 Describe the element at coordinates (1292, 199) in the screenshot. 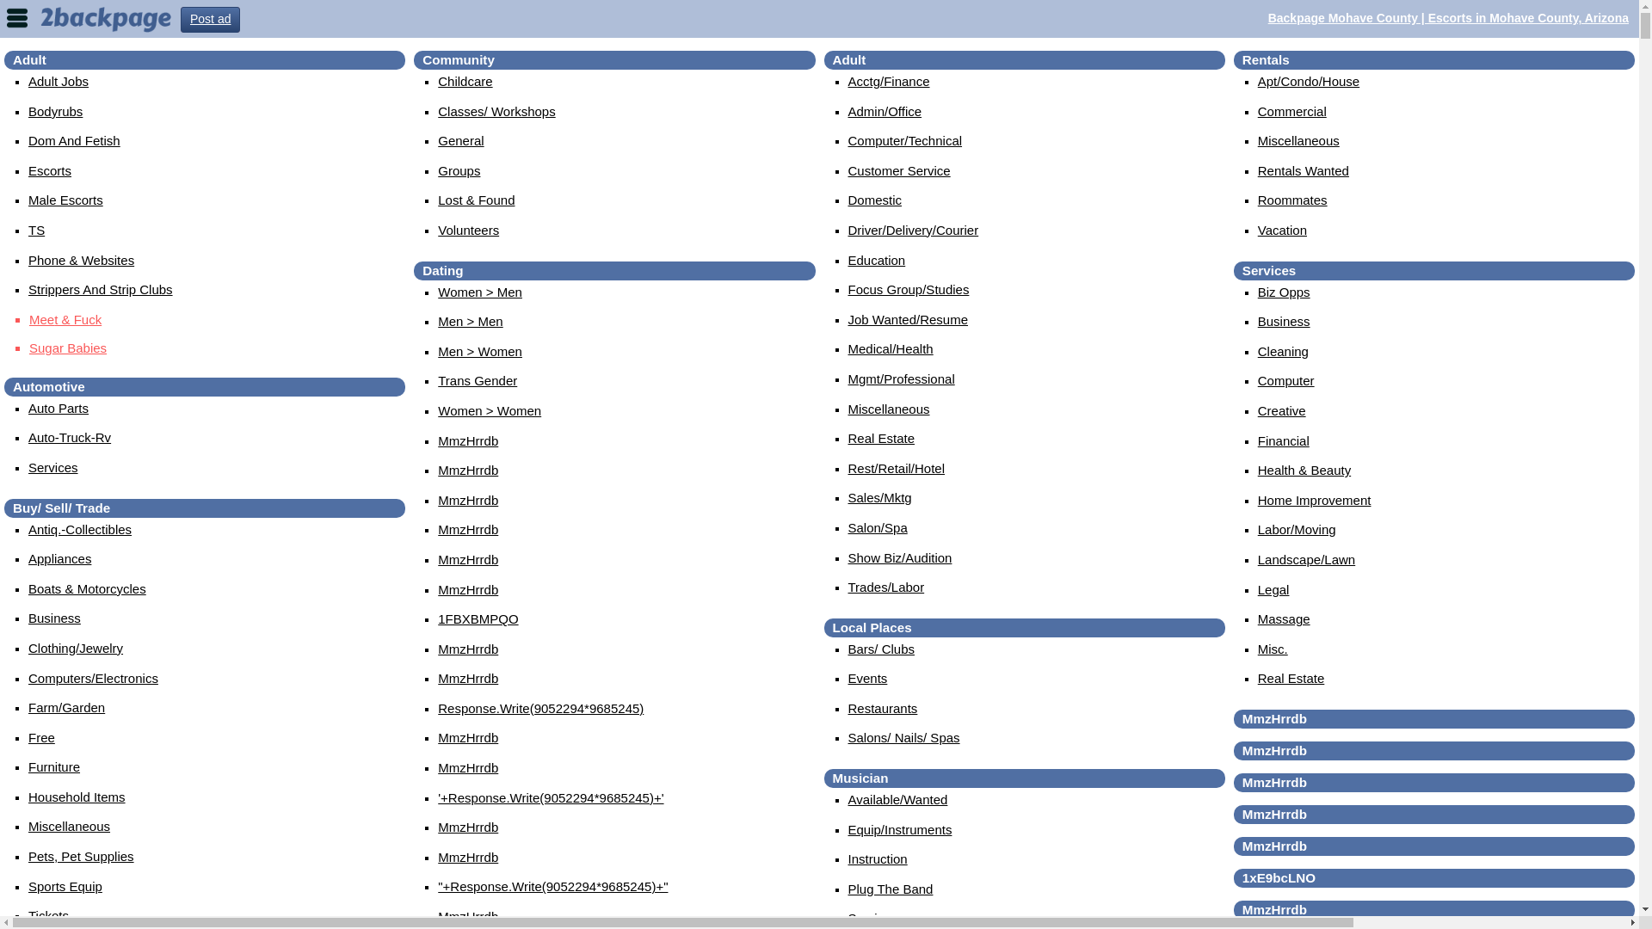

I see `'Roommates'` at that location.